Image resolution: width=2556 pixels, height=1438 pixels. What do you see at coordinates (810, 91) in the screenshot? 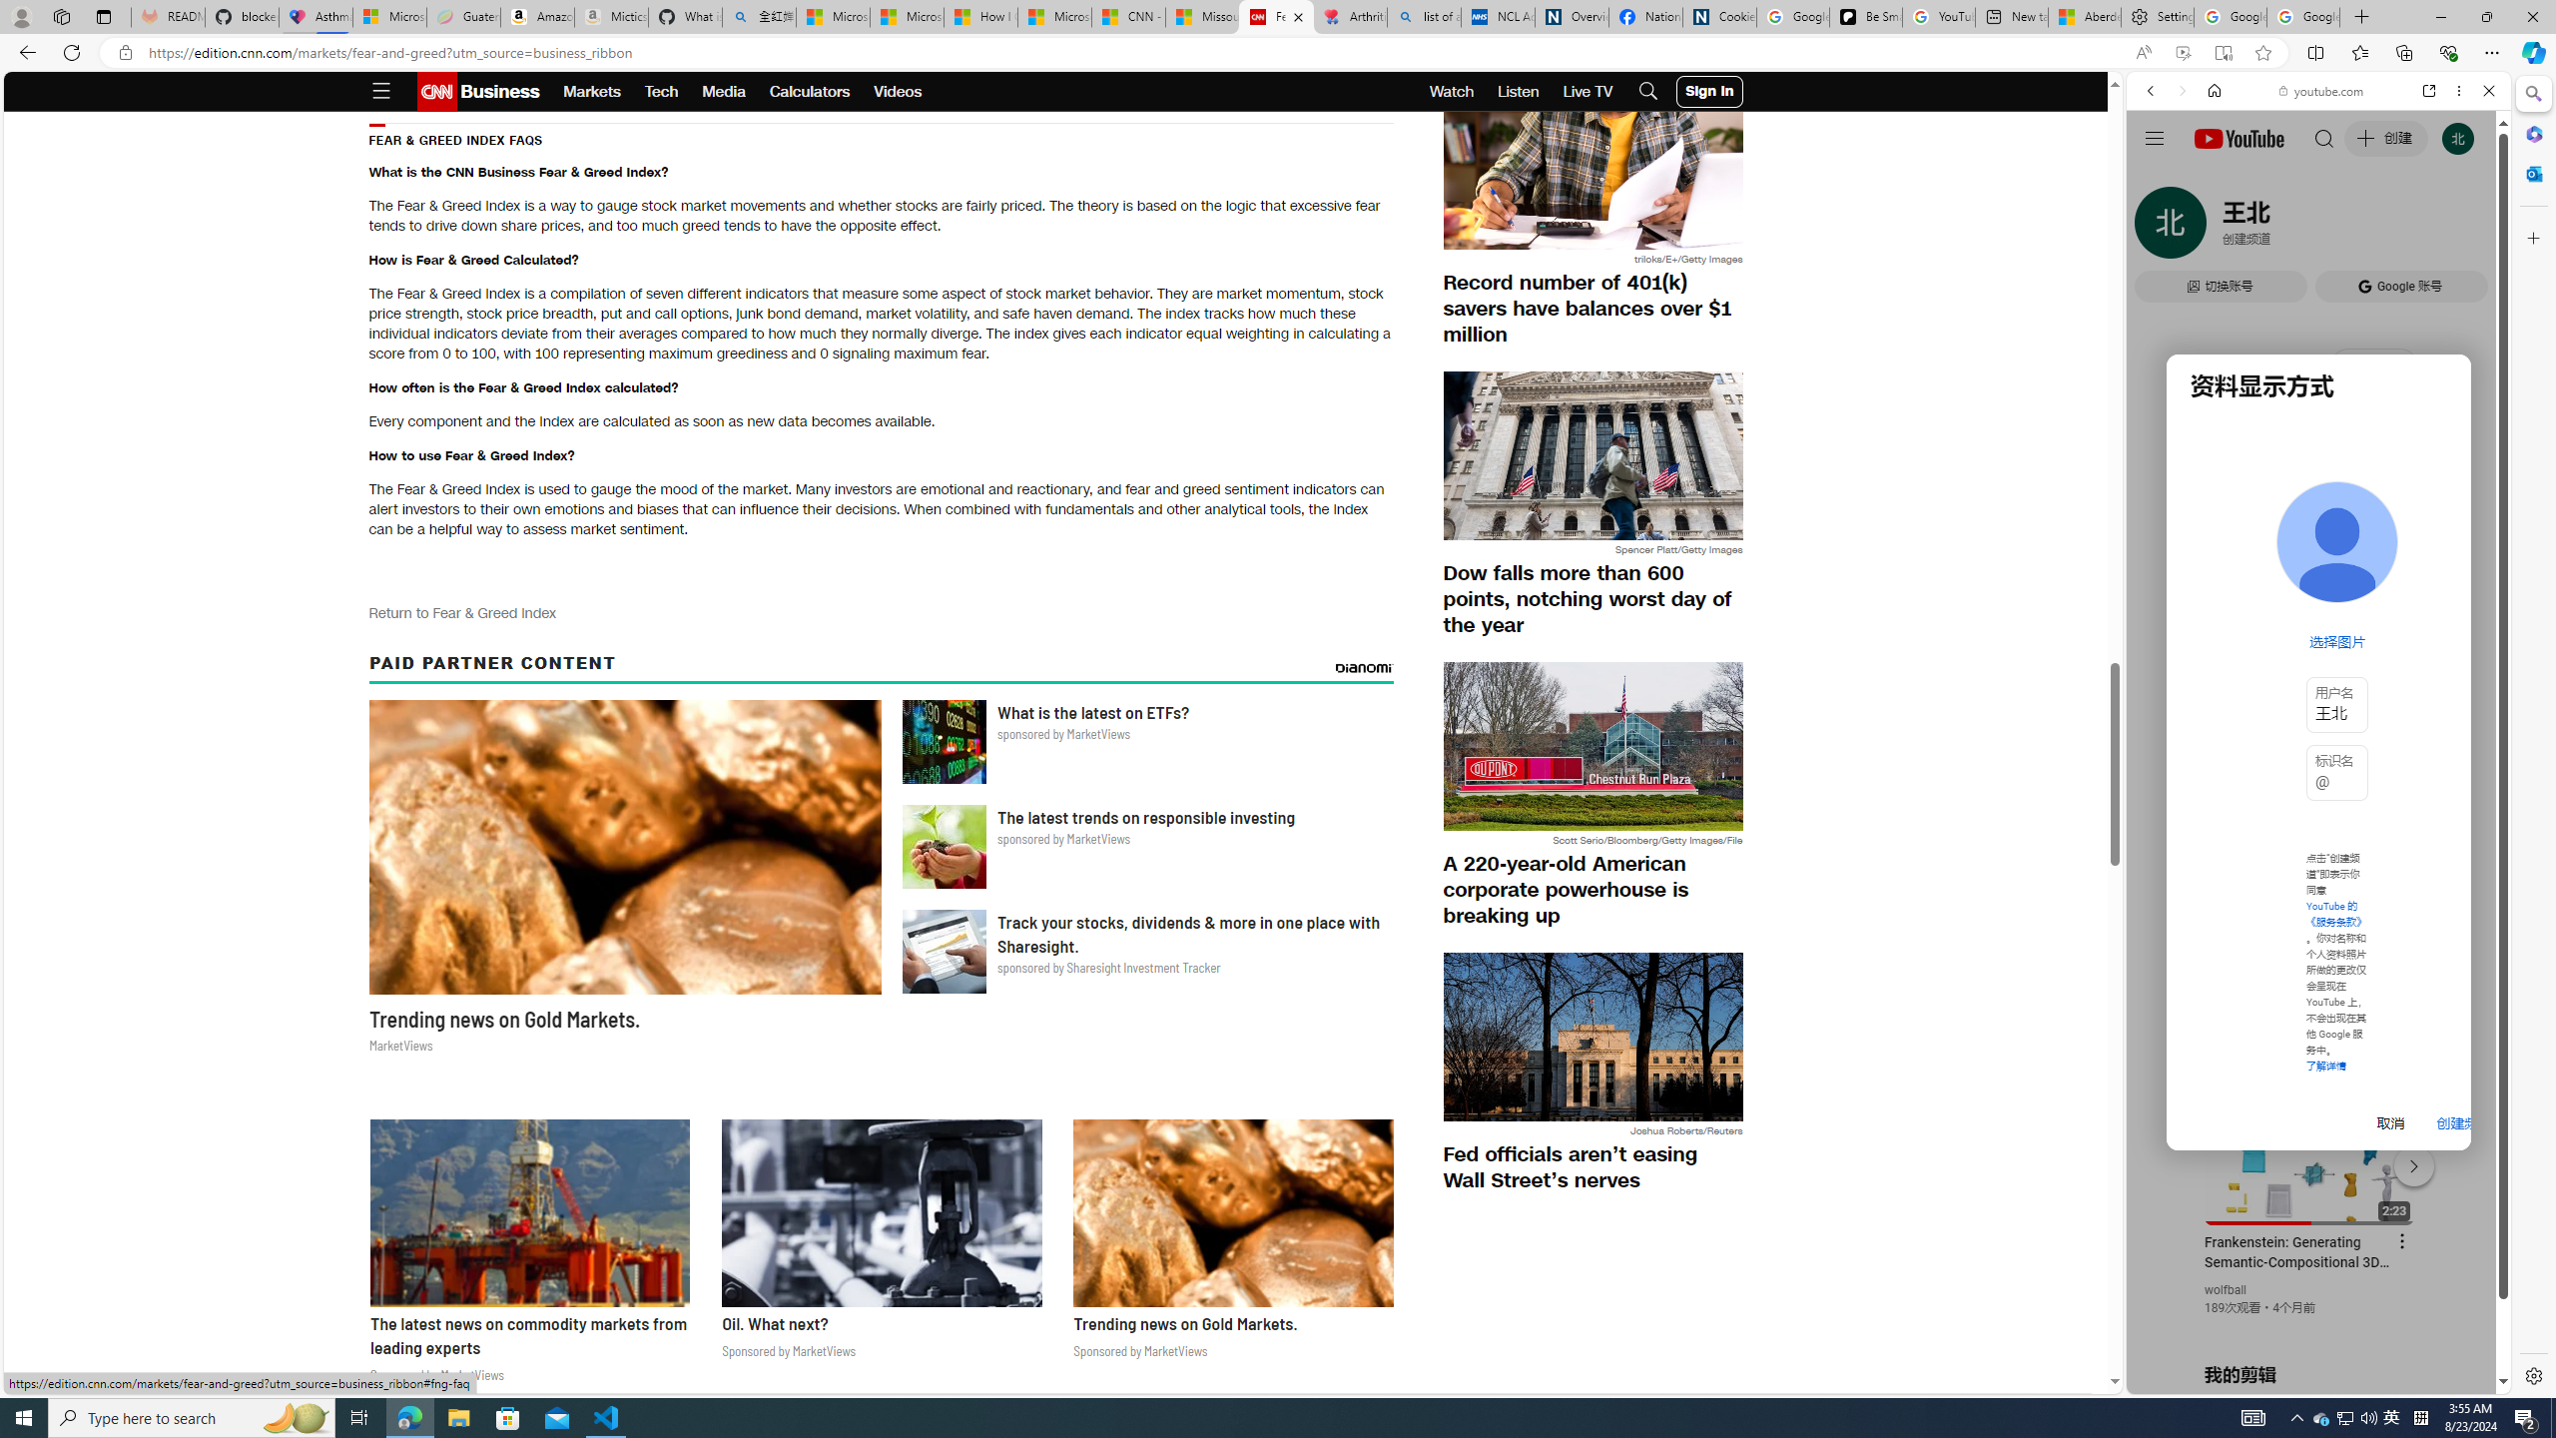
I see `'Calculators'` at bounding box center [810, 91].